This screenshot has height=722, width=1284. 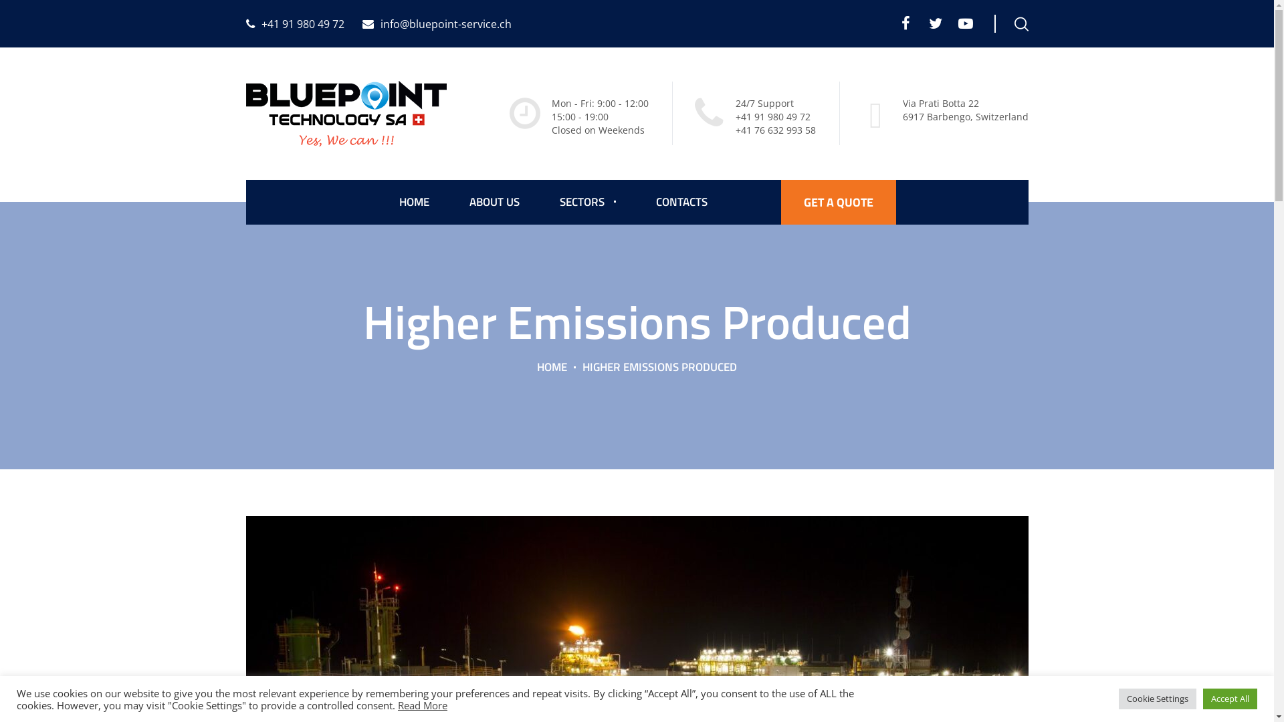 What do you see at coordinates (966, 23) in the screenshot?
I see `'Youtube'` at bounding box center [966, 23].